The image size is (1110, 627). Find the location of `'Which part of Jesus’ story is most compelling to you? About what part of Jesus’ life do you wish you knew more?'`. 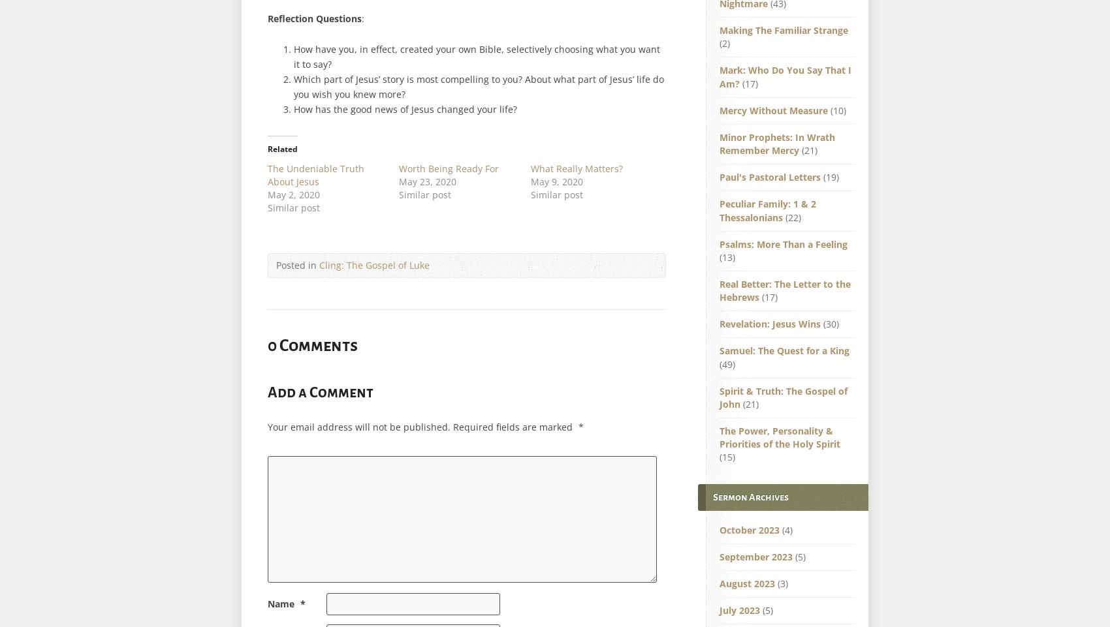

'Which part of Jesus’ story is most compelling to you? About what part of Jesus’ life do you wish you knew more?' is located at coordinates (293, 85).